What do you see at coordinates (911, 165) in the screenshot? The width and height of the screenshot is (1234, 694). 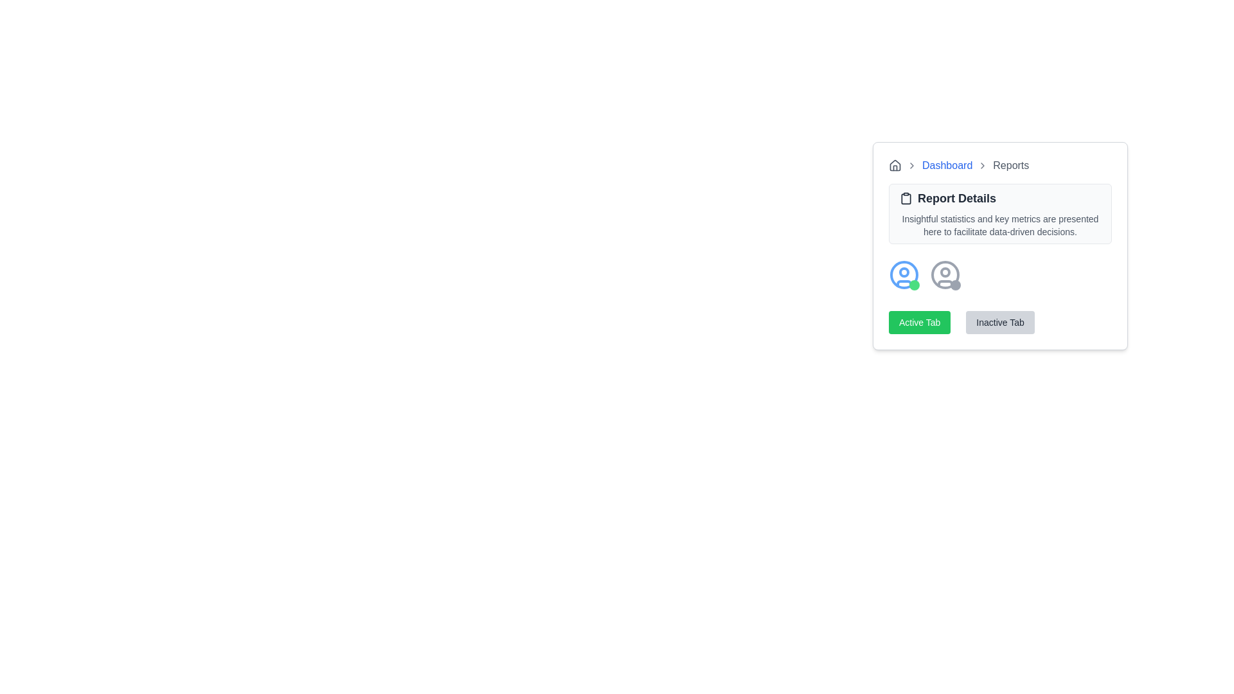 I see `the right-pointing chevron icon positioned between the house icon and the 'Dashboard' text to delineate focused navigation` at bounding box center [911, 165].